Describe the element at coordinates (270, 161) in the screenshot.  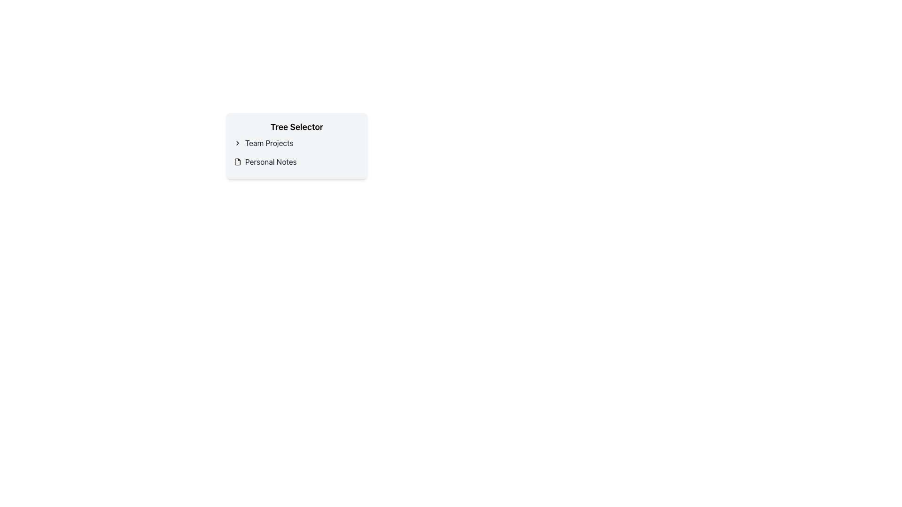
I see `the 'Personal Notes' text label in the 'Tree Selector' sidebar` at that location.